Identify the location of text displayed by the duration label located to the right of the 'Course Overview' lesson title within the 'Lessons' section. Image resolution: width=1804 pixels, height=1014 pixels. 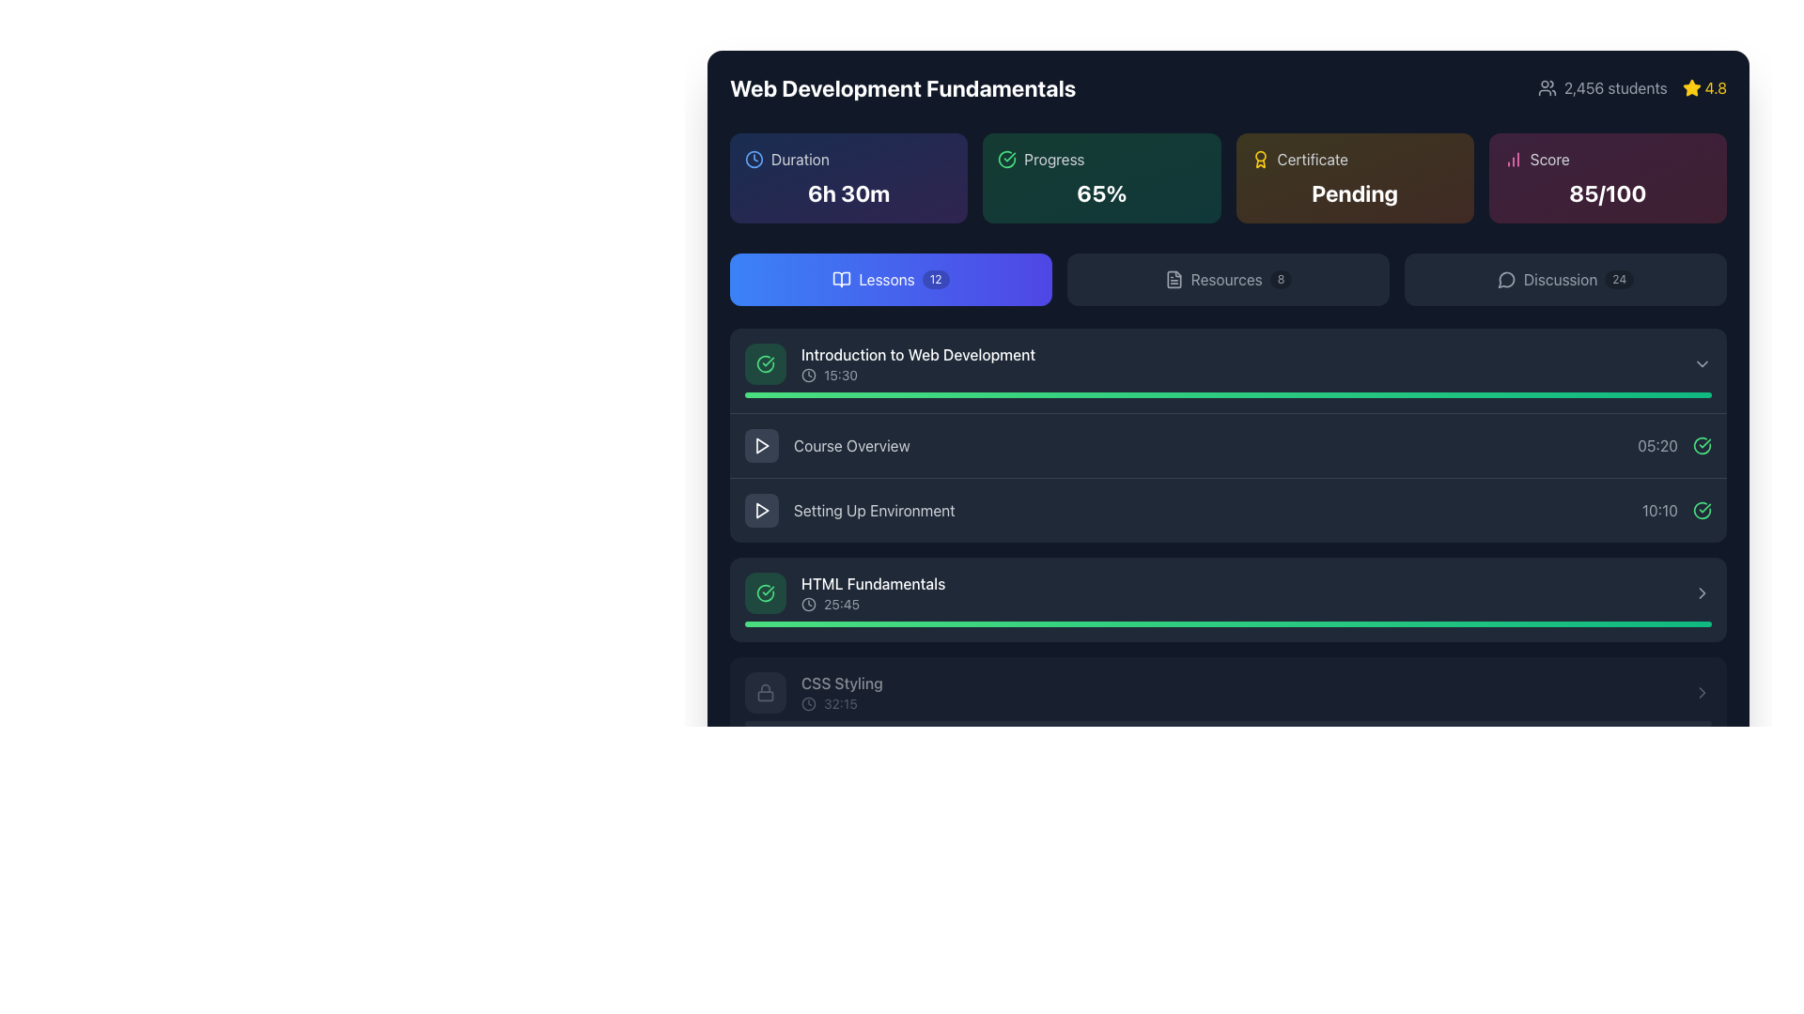
(1657, 445).